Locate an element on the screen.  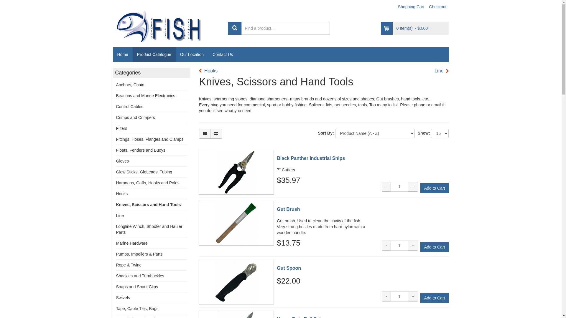
'Shopping Cart' is located at coordinates (411, 7).